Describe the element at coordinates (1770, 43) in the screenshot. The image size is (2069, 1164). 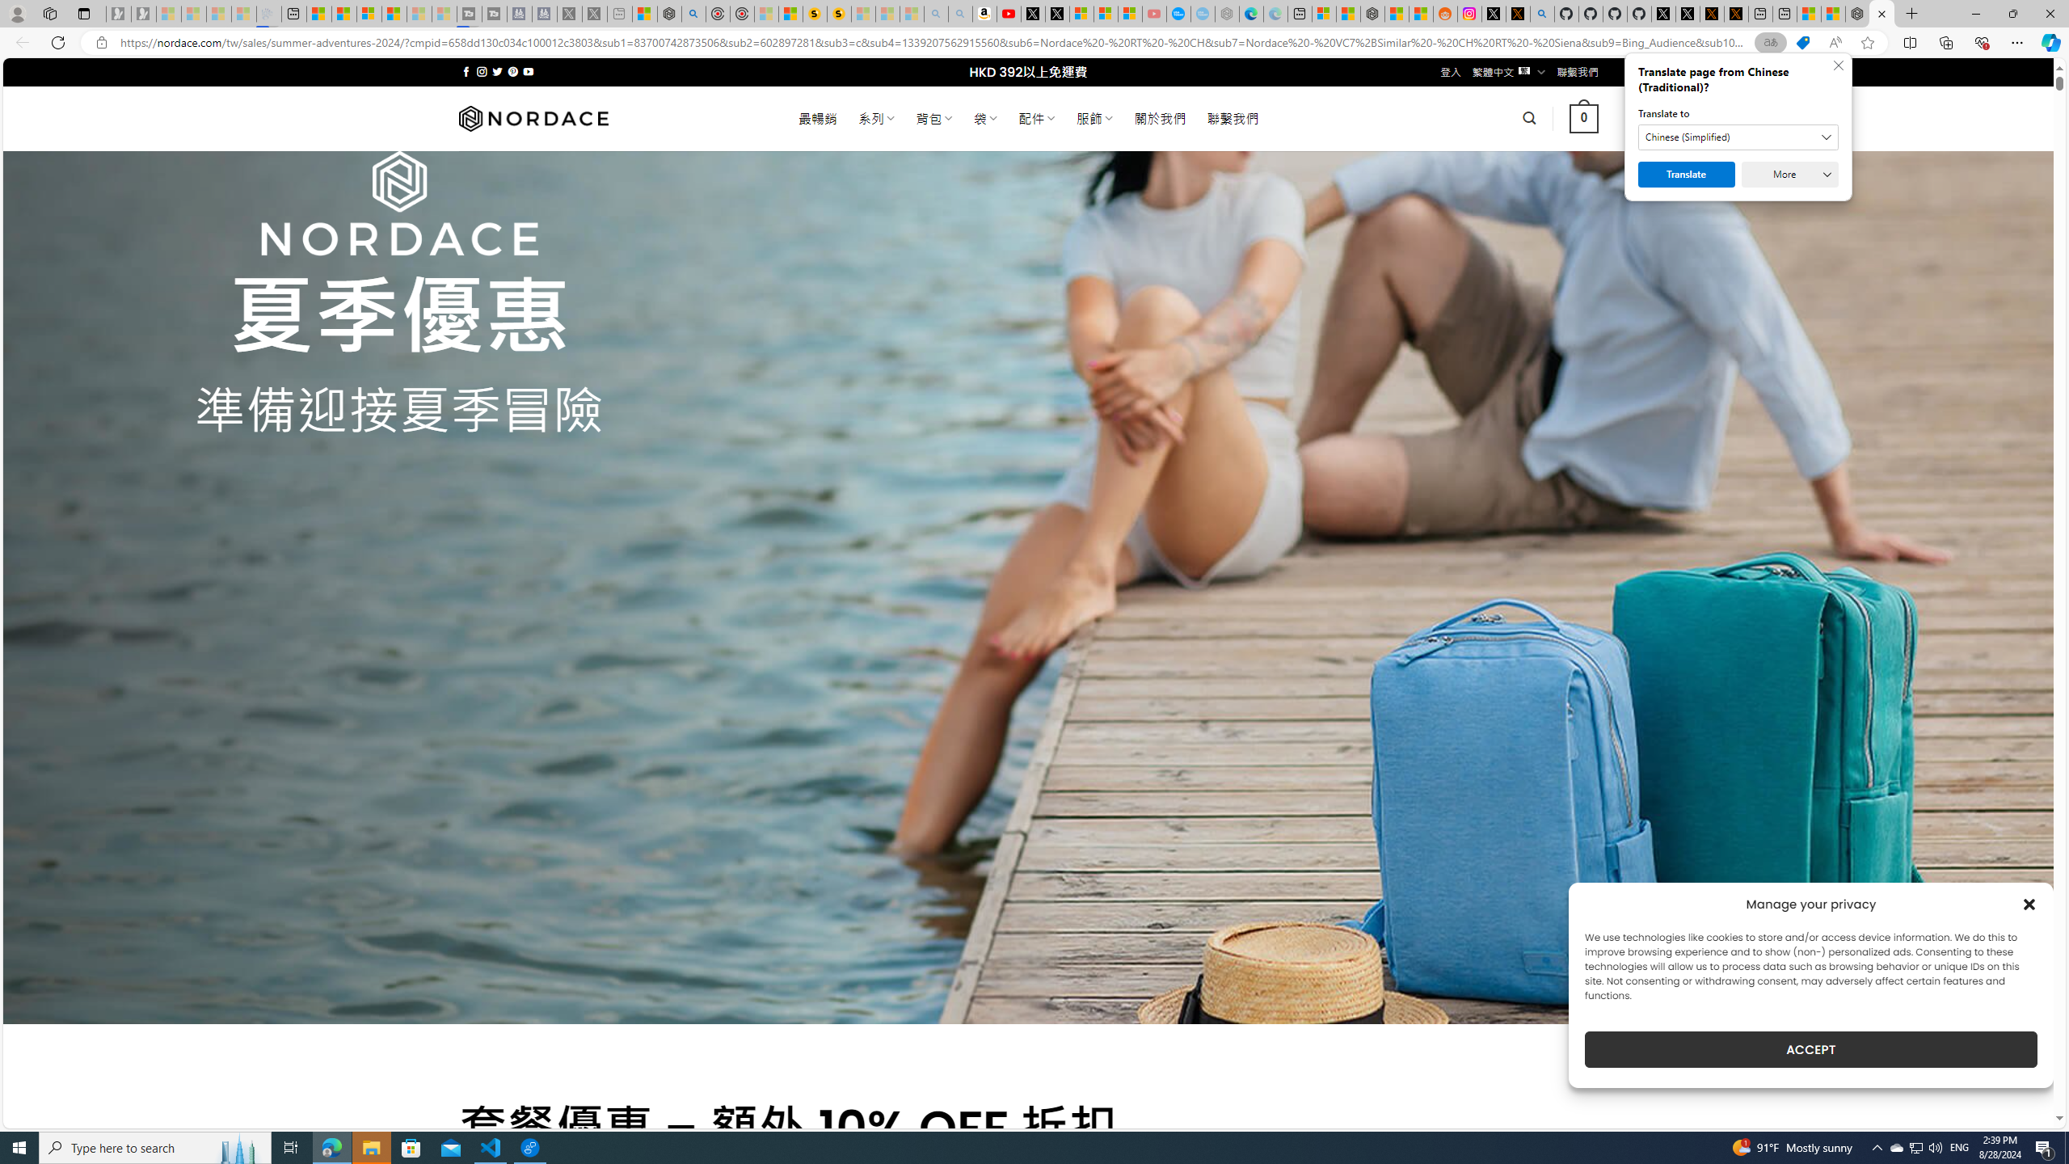
I see `'Show translate options'` at that location.